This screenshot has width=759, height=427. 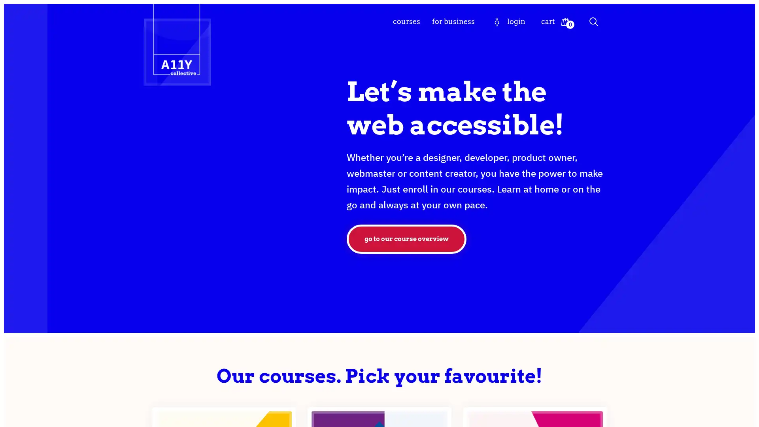 I want to click on Search, so click(x=594, y=21).